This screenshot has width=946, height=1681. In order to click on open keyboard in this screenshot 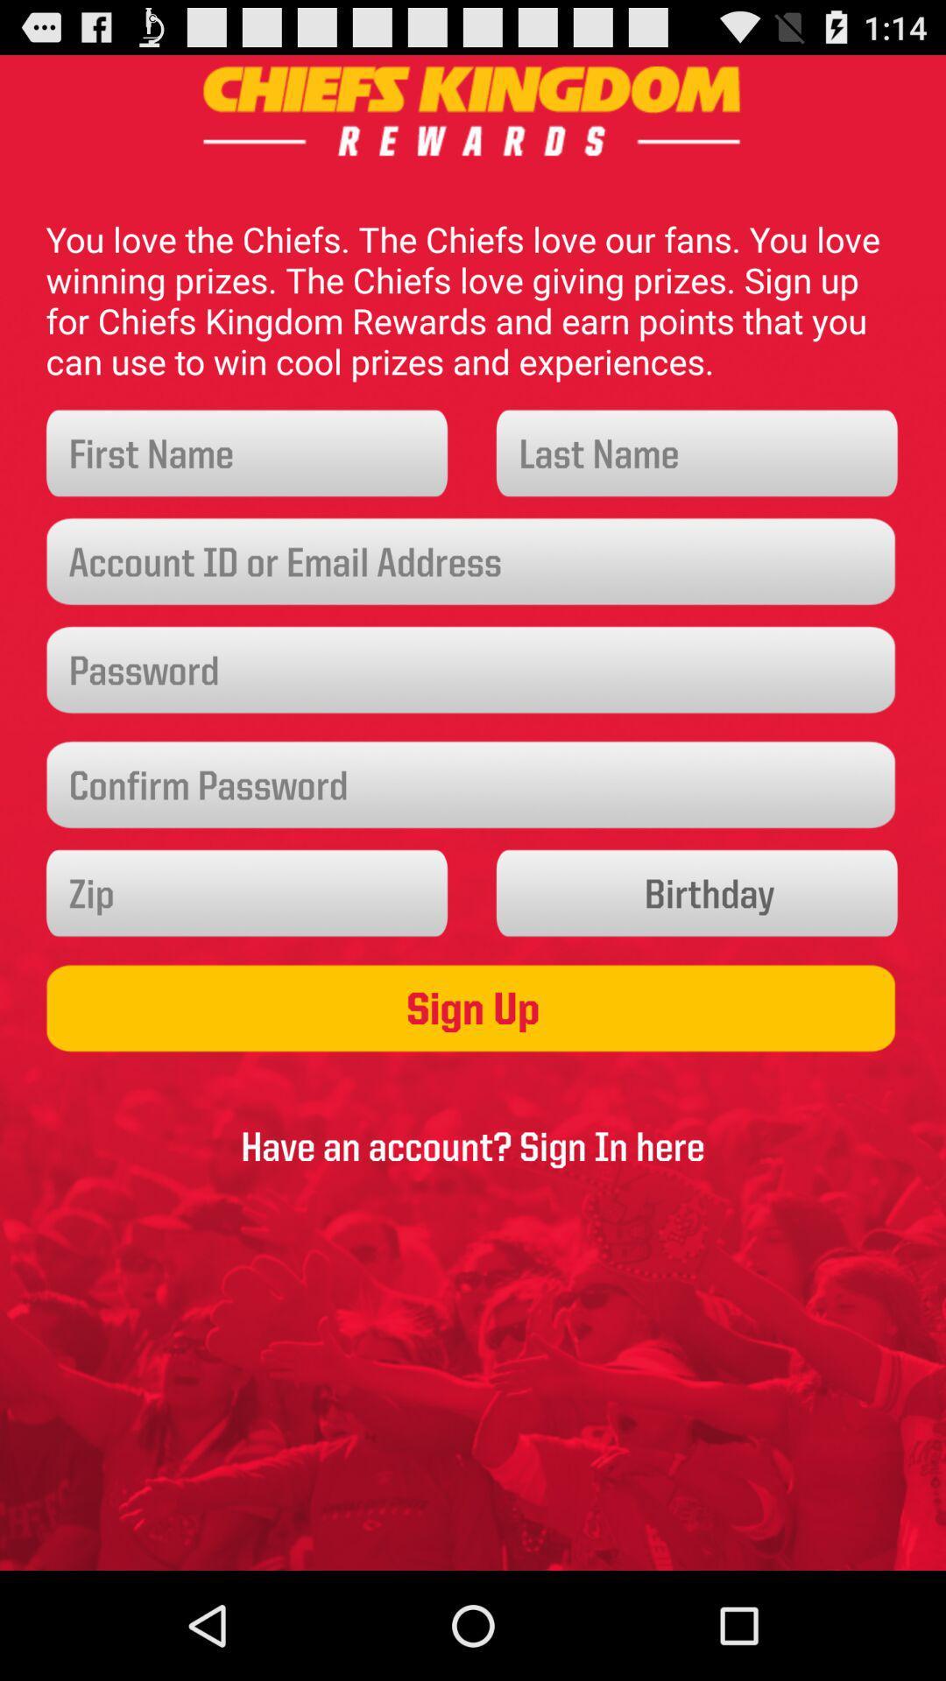, I will do `click(248, 454)`.